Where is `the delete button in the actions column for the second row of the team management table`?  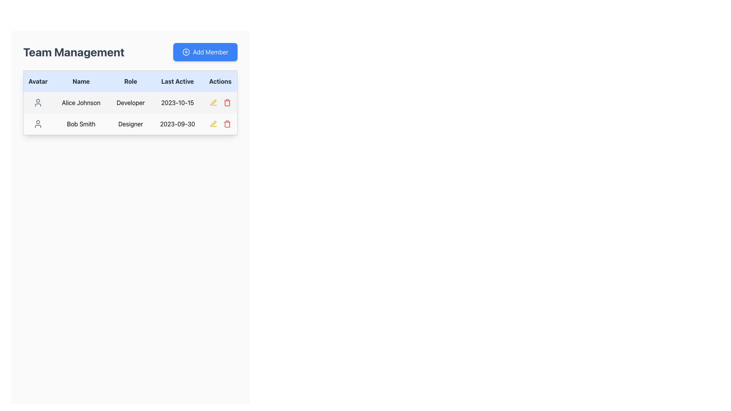
the delete button in the actions column for the second row of the team management table is located at coordinates (227, 124).